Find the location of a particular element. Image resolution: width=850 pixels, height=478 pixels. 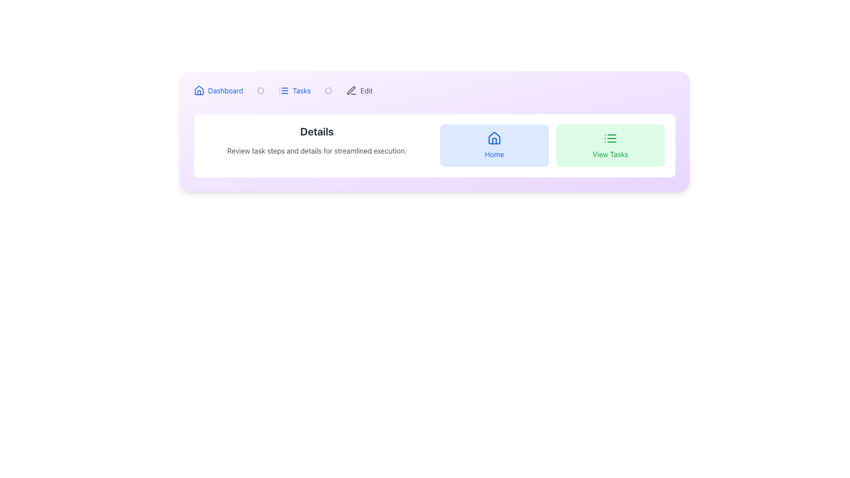

the minimalistic gray circular icon located between the 'Dashboard' and 'Tasks' labels in the navigation bar is located at coordinates (328, 90).